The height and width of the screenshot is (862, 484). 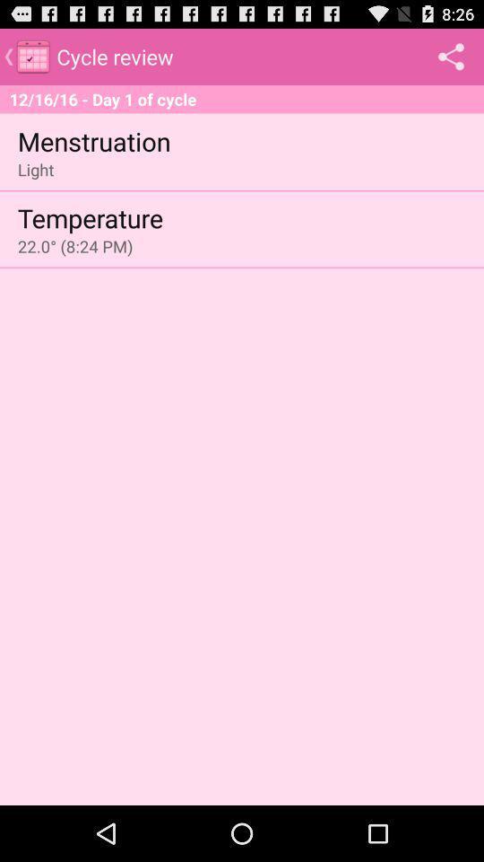 I want to click on the app below light app, so click(x=90, y=216).